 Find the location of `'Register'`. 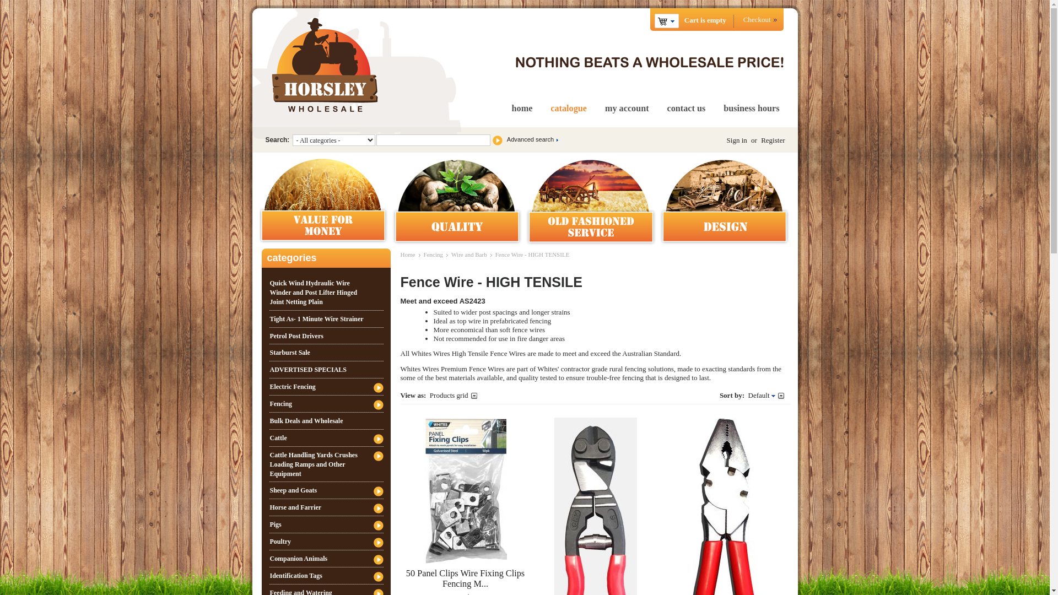

'Register' is located at coordinates (772, 139).